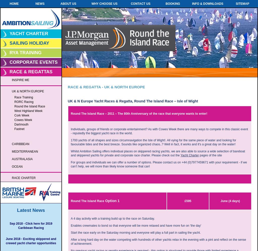 This screenshot has height=251, width=258. What do you see at coordinates (24, 102) in the screenshot?
I see `'RORC Racing'` at bounding box center [24, 102].